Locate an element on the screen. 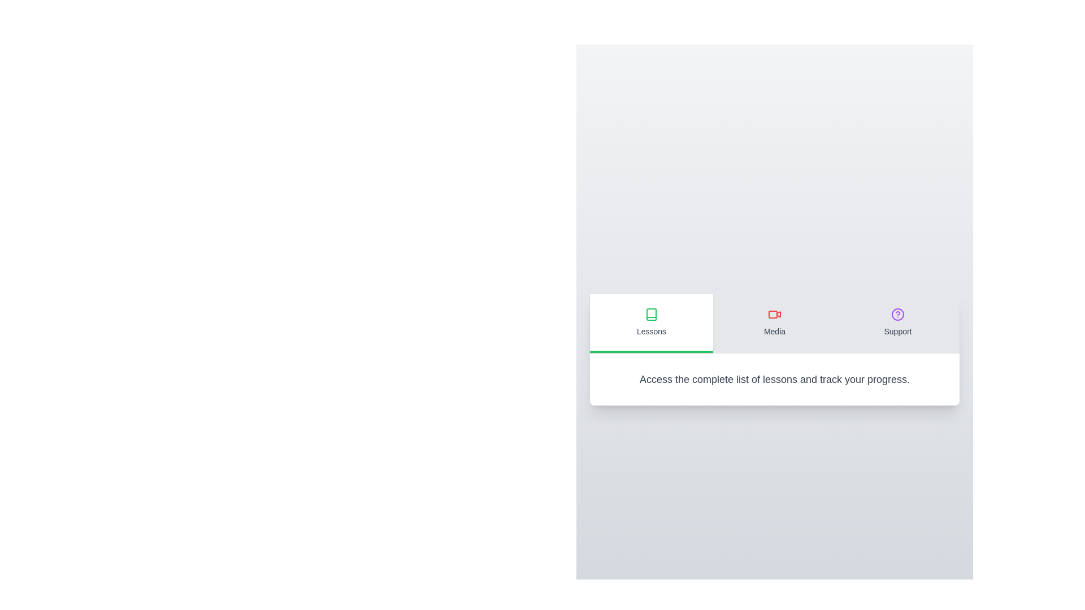 This screenshot has height=610, width=1085. the Lessons tab by clicking on its button is located at coordinates (651, 323).